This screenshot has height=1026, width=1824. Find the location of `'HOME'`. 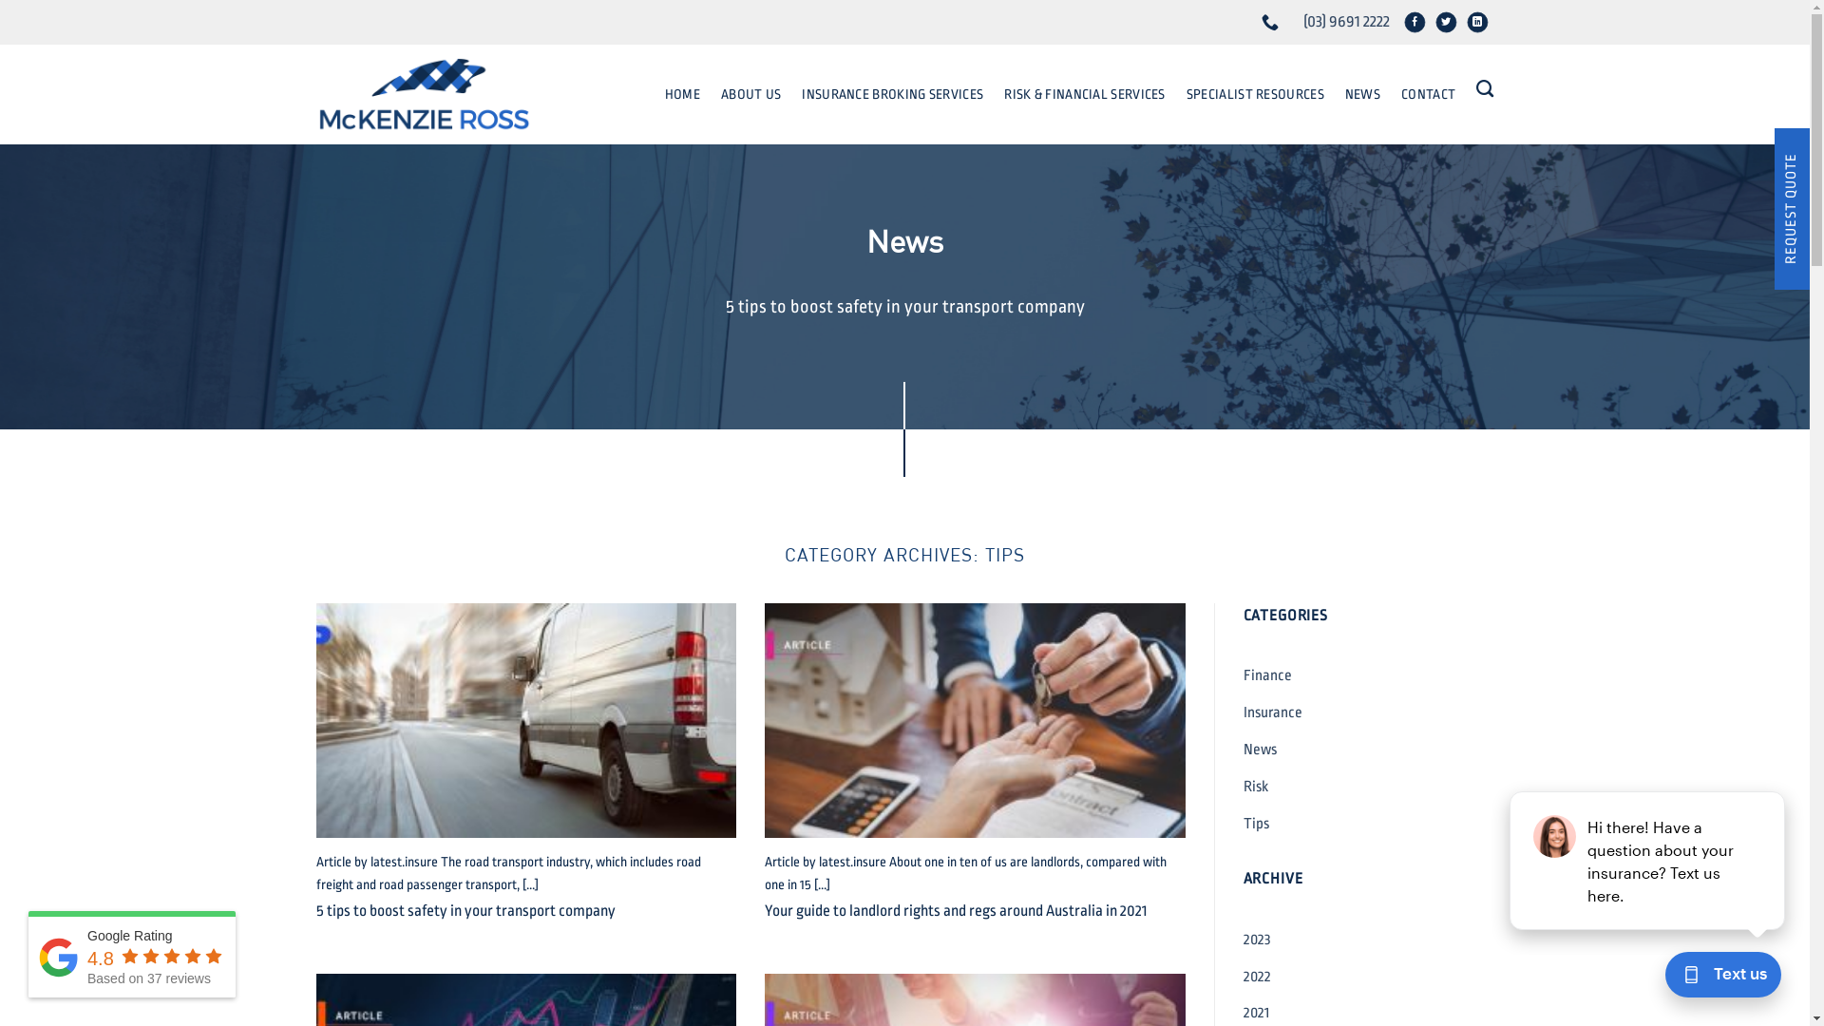

'HOME' is located at coordinates (682, 94).